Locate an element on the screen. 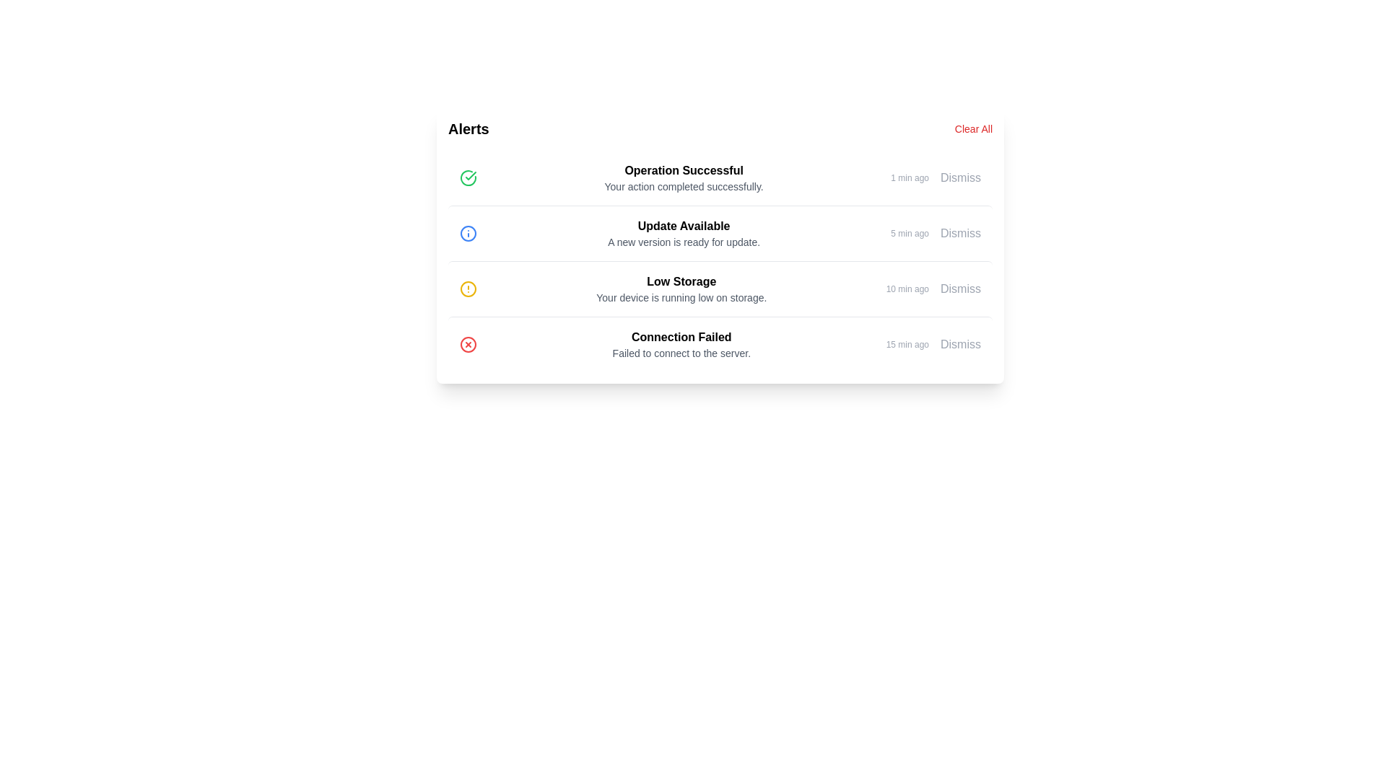 Image resolution: width=1386 pixels, height=779 pixels. the first notification entry displaying 'Operation Successful' for additional highlighting is located at coordinates (720, 177).